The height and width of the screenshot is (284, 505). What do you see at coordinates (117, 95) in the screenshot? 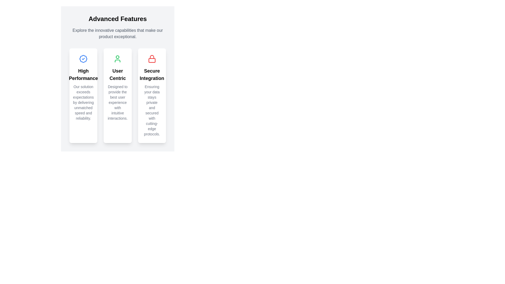
I see `the informational panel titled 'User Centric' with a green person icon, located in the middle column under 'Advanced Features'` at bounding box center [117, 95].